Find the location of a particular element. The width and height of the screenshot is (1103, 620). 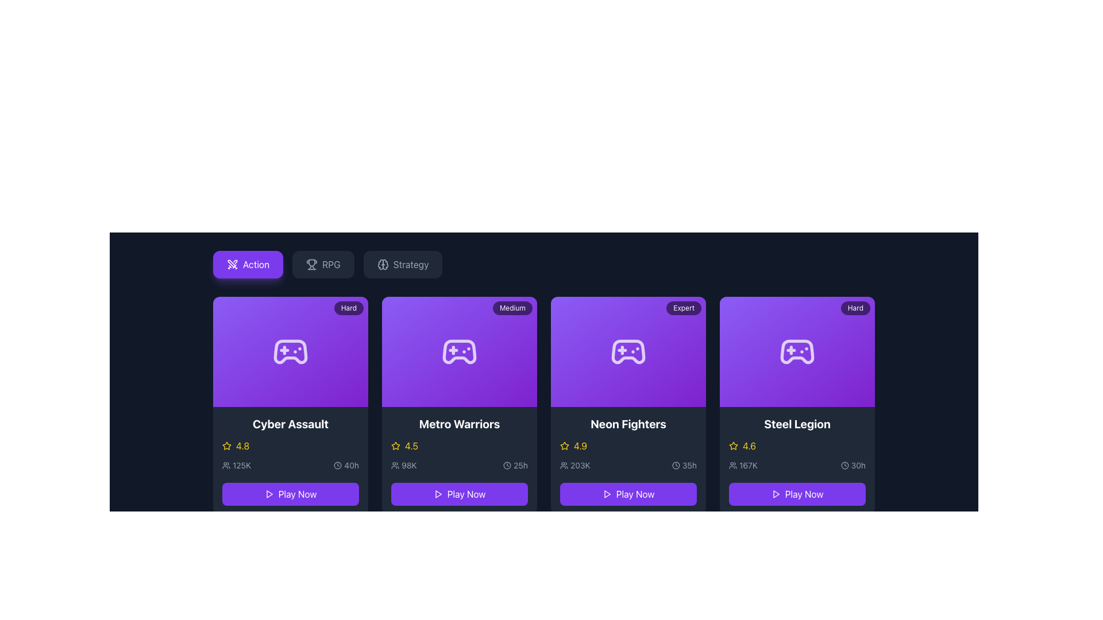

the small play icon, which is an equilateral triangle pointing right, located within the purple 'Play Now' button for 'Neon Fighters' to possibly display additional information or effects is located at coordinates (606, 493).